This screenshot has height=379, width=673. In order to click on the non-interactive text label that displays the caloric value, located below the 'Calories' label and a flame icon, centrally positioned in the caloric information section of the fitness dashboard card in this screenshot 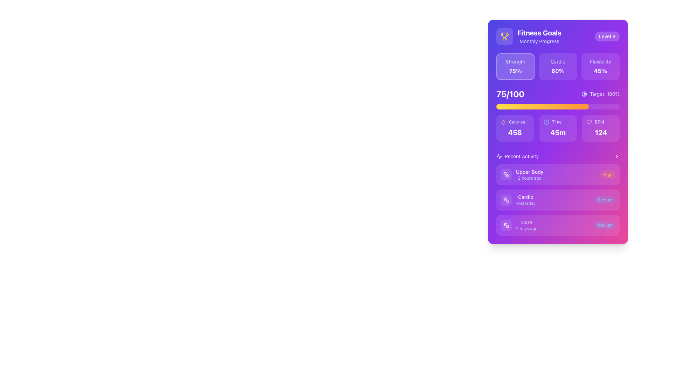, I will do `click(515, 133)`.